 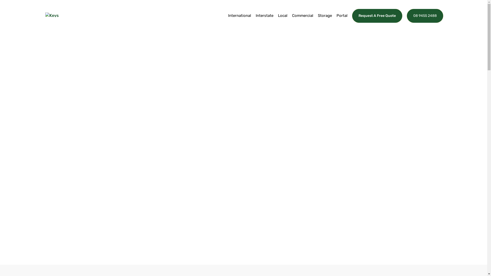 I want to click on 'Local', so click(x=282, y=21).